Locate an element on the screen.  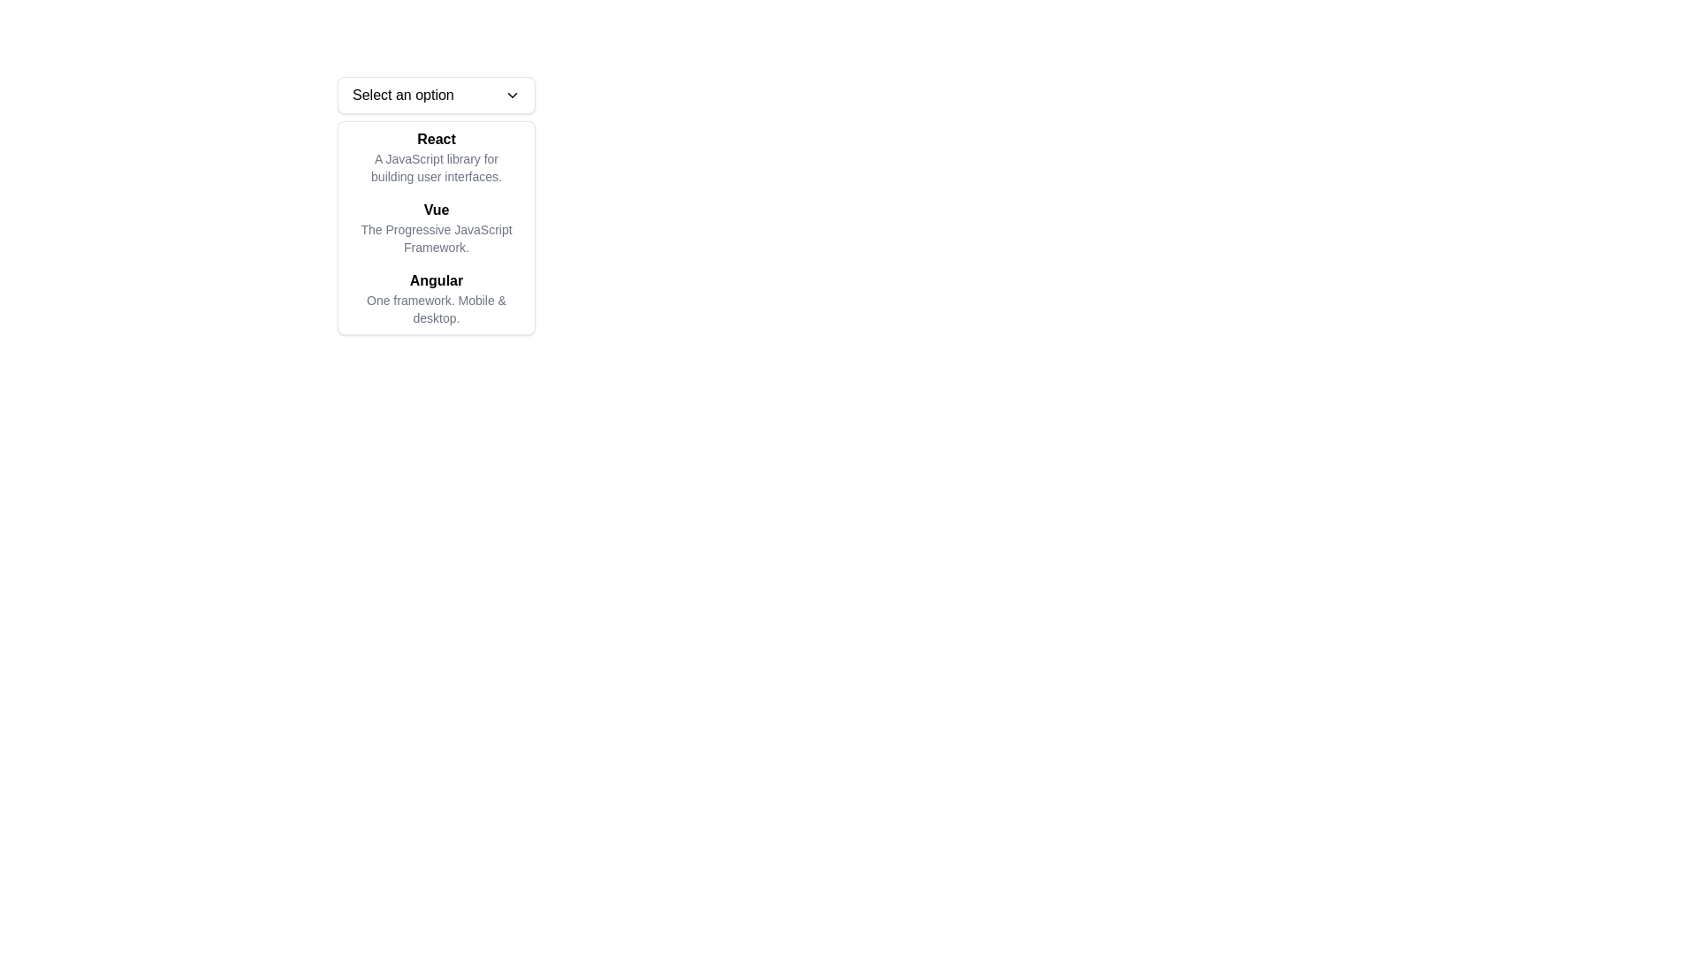
the chevron icon that toggles the visibility of the dropdown menu, located to the right of the 'Select an option' label is located at coordinates (512, 95).